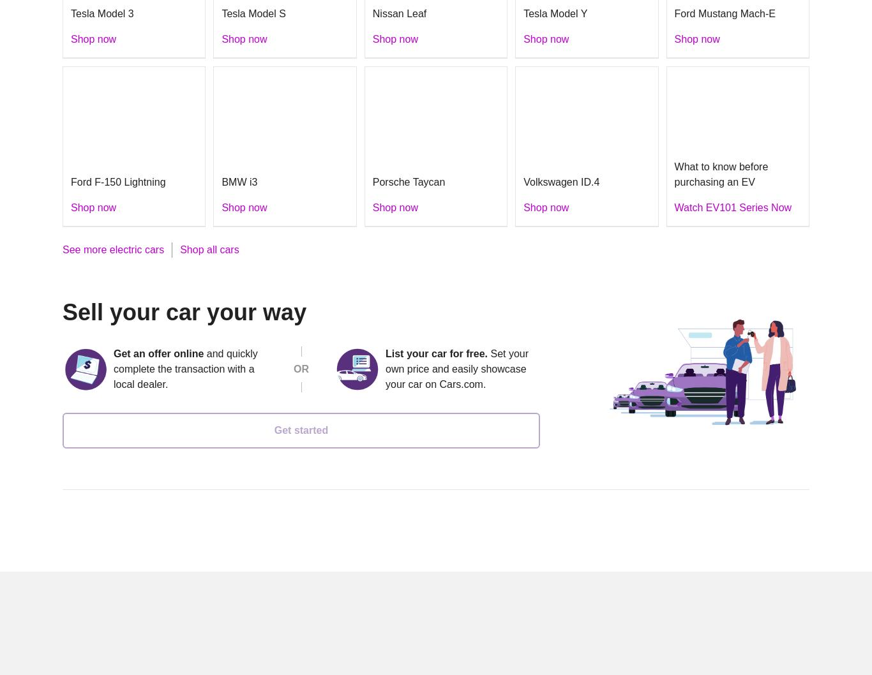 This screenshot has width=872, height=675. I want to click on 'Porsche Taycan', so click(407, 181).